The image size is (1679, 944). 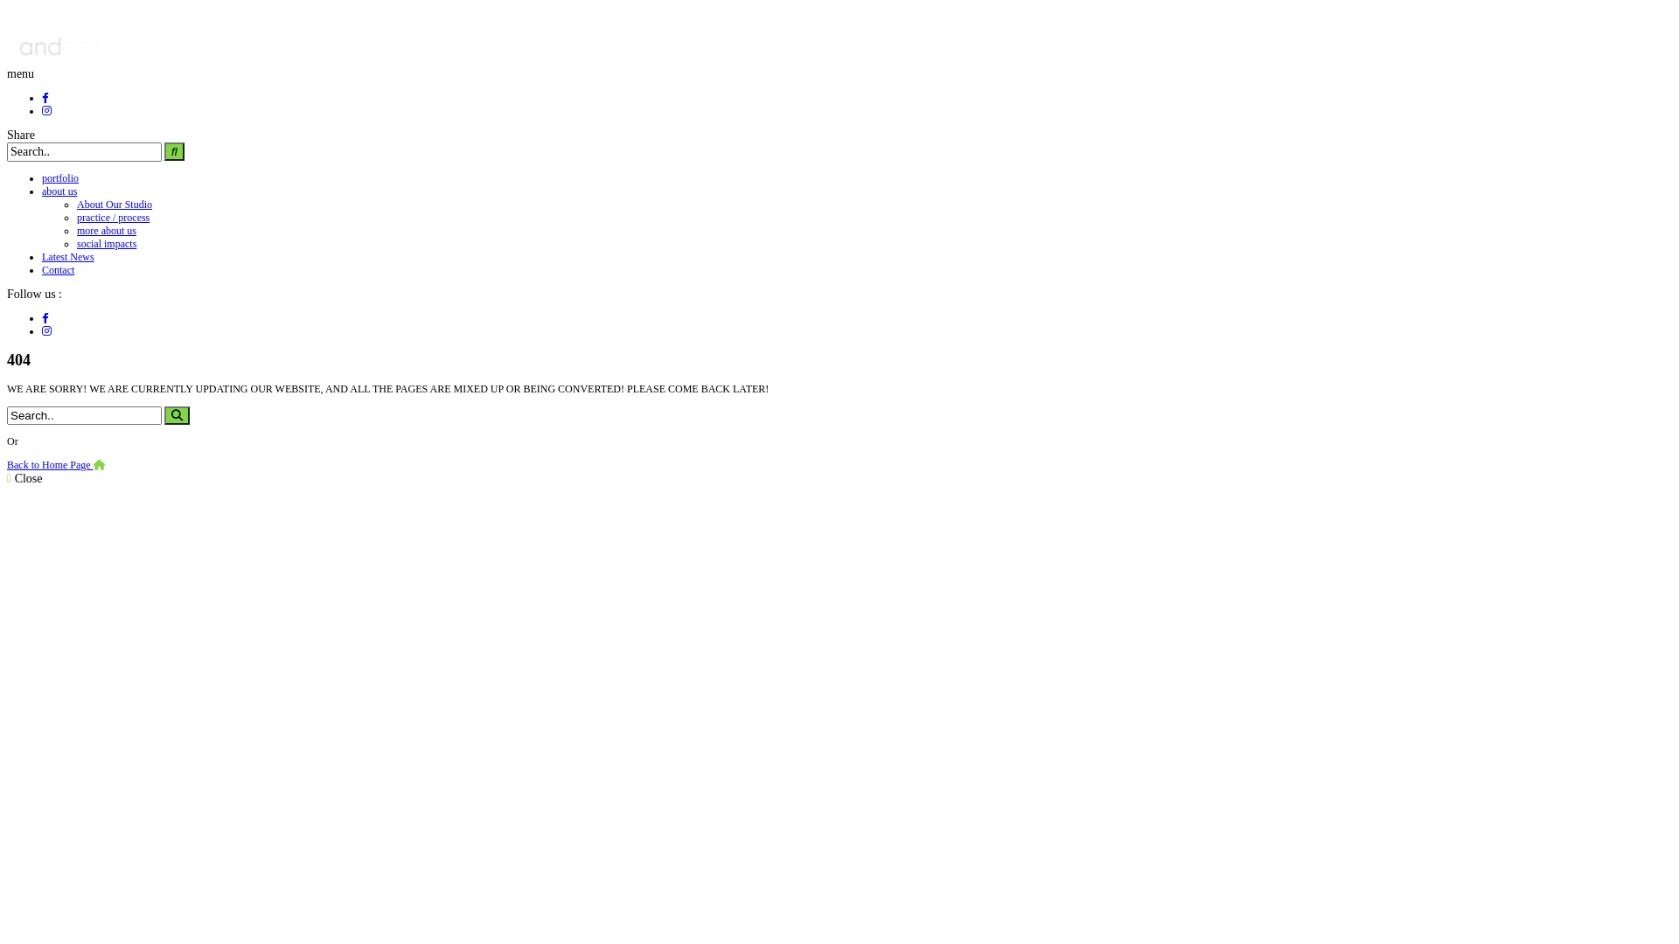 I want to click on 'social impacts', so click(x=75, y=243).